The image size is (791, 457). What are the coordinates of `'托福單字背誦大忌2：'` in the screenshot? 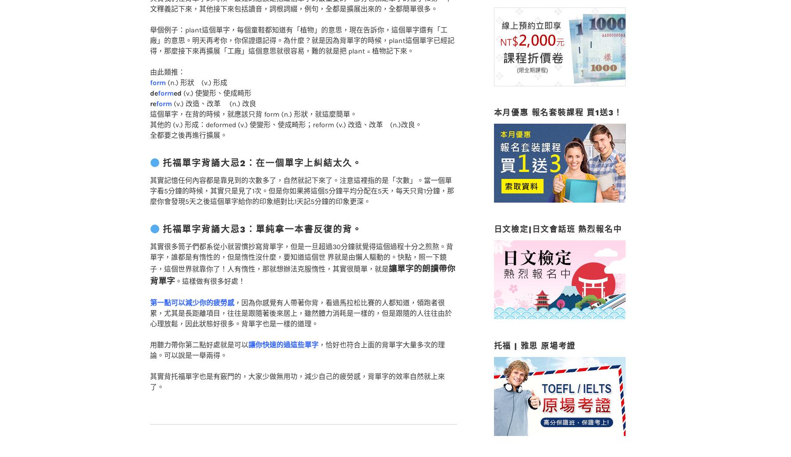 It's located at (209, 145).